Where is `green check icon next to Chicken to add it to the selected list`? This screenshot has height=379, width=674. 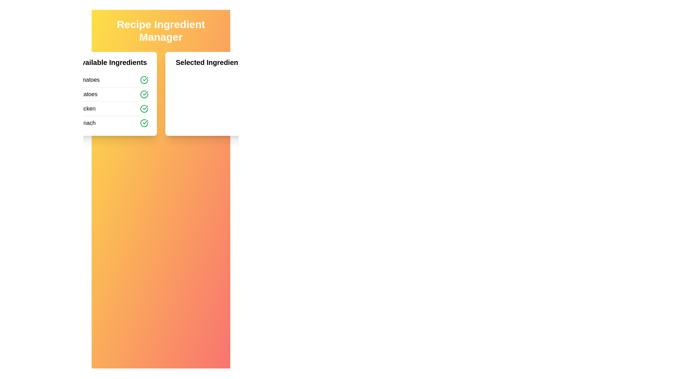 green check icon next to Chicken to add it to the selected list is located at coordinates (144, 108).